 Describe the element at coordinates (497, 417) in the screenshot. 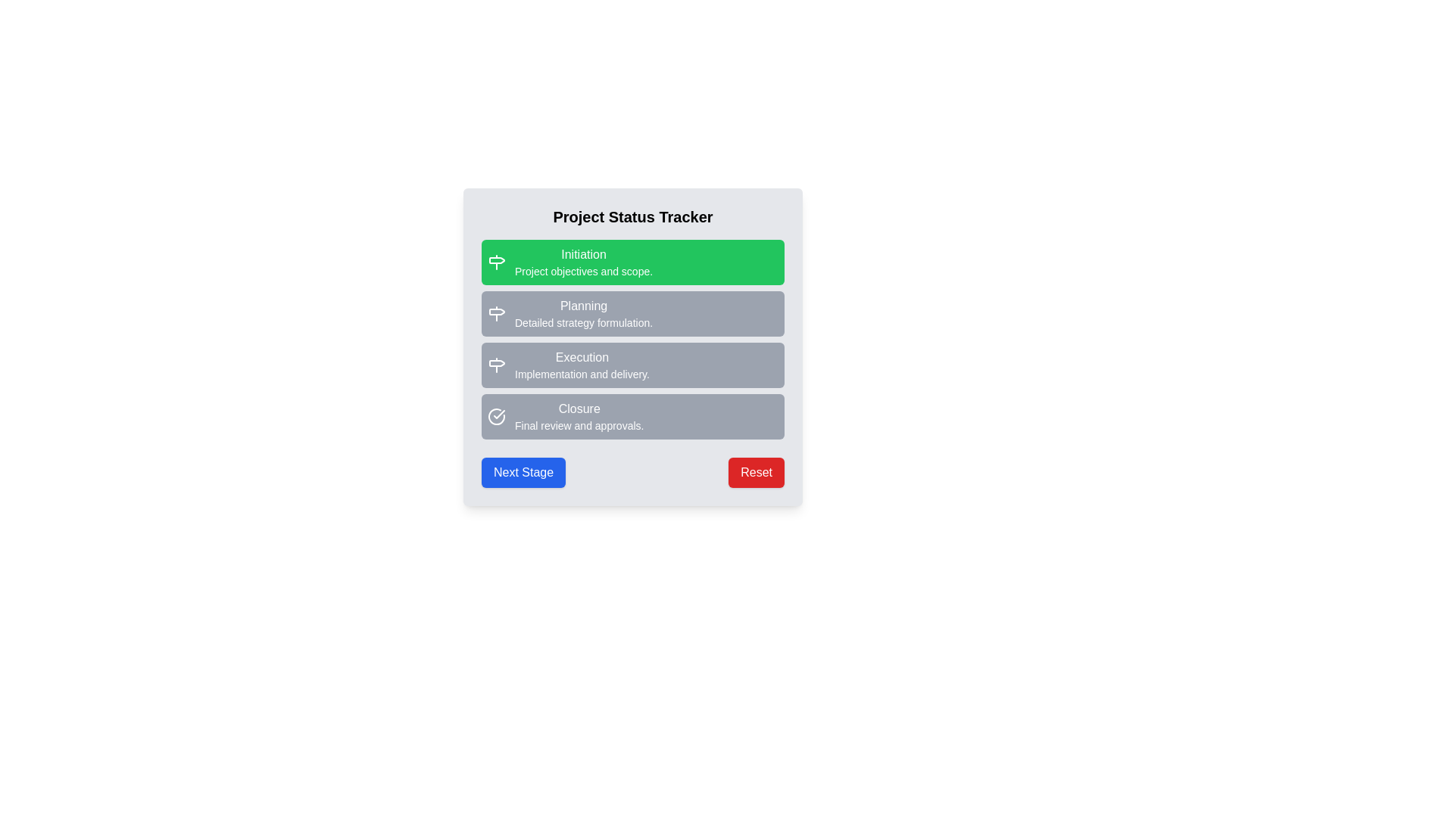

I see `the circular checkmark icon located within the light gray button of the 'Closure' section in the progress tracker UI` at that location.